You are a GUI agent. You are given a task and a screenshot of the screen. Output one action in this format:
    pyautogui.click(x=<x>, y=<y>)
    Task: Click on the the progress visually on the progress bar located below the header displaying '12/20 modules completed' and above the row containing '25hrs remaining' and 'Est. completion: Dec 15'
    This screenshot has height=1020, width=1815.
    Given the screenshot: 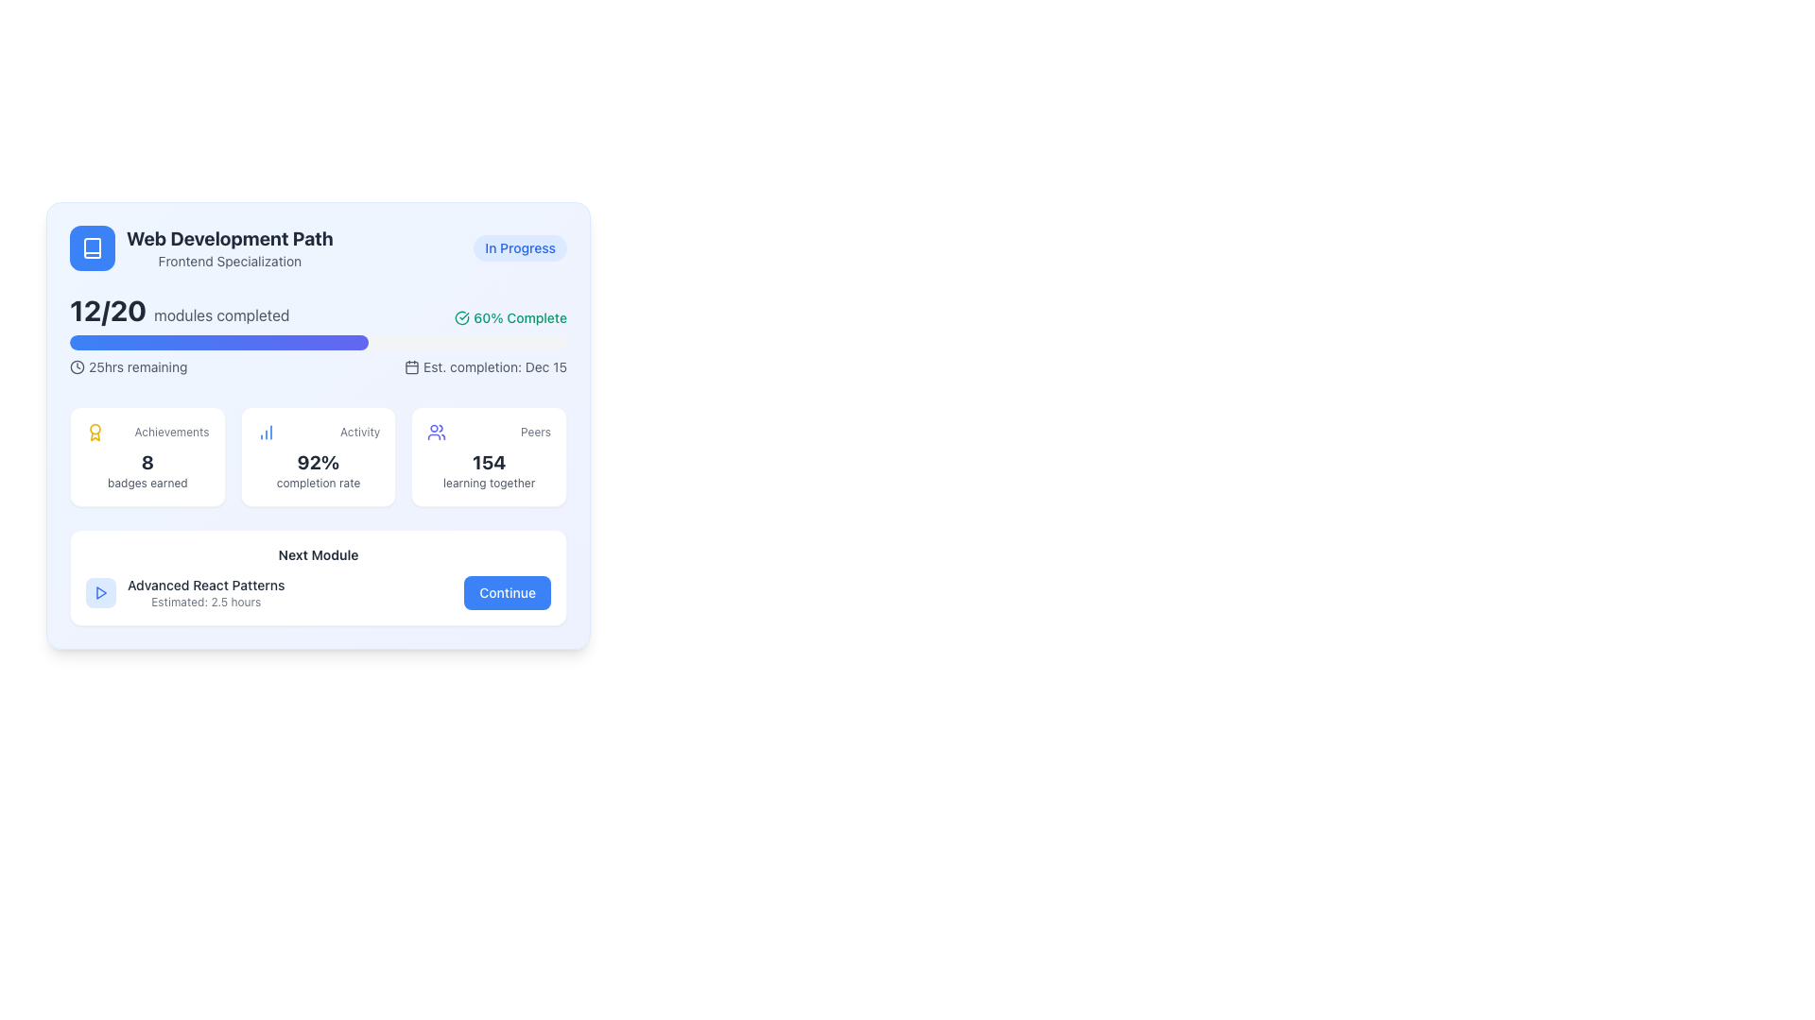 What is the action you would take?
    pyautogui.click(x=318, y=342)
    